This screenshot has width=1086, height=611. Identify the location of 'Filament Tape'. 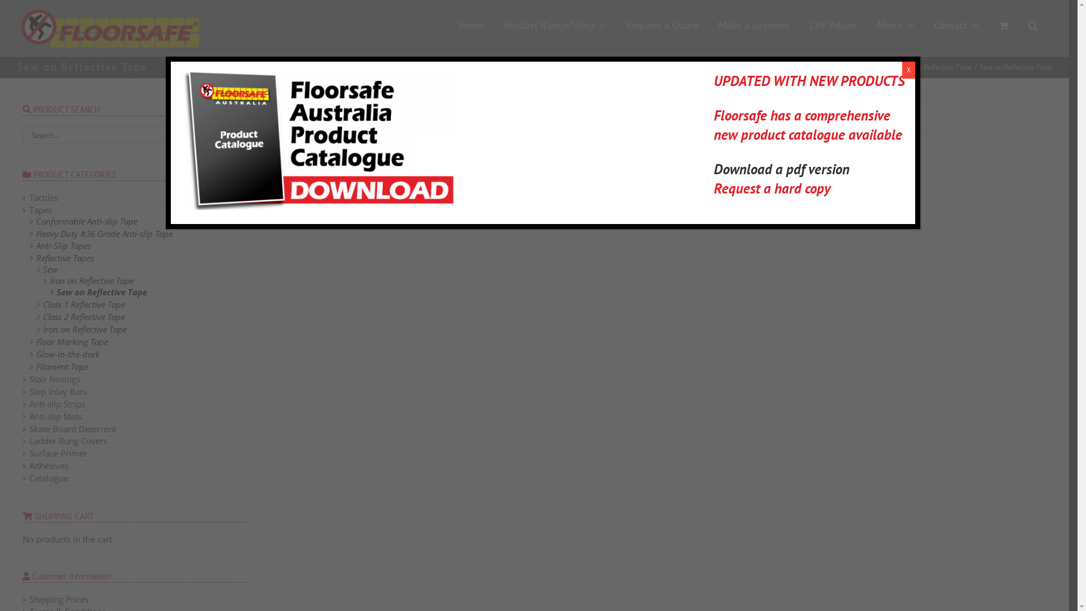
(62, 367).